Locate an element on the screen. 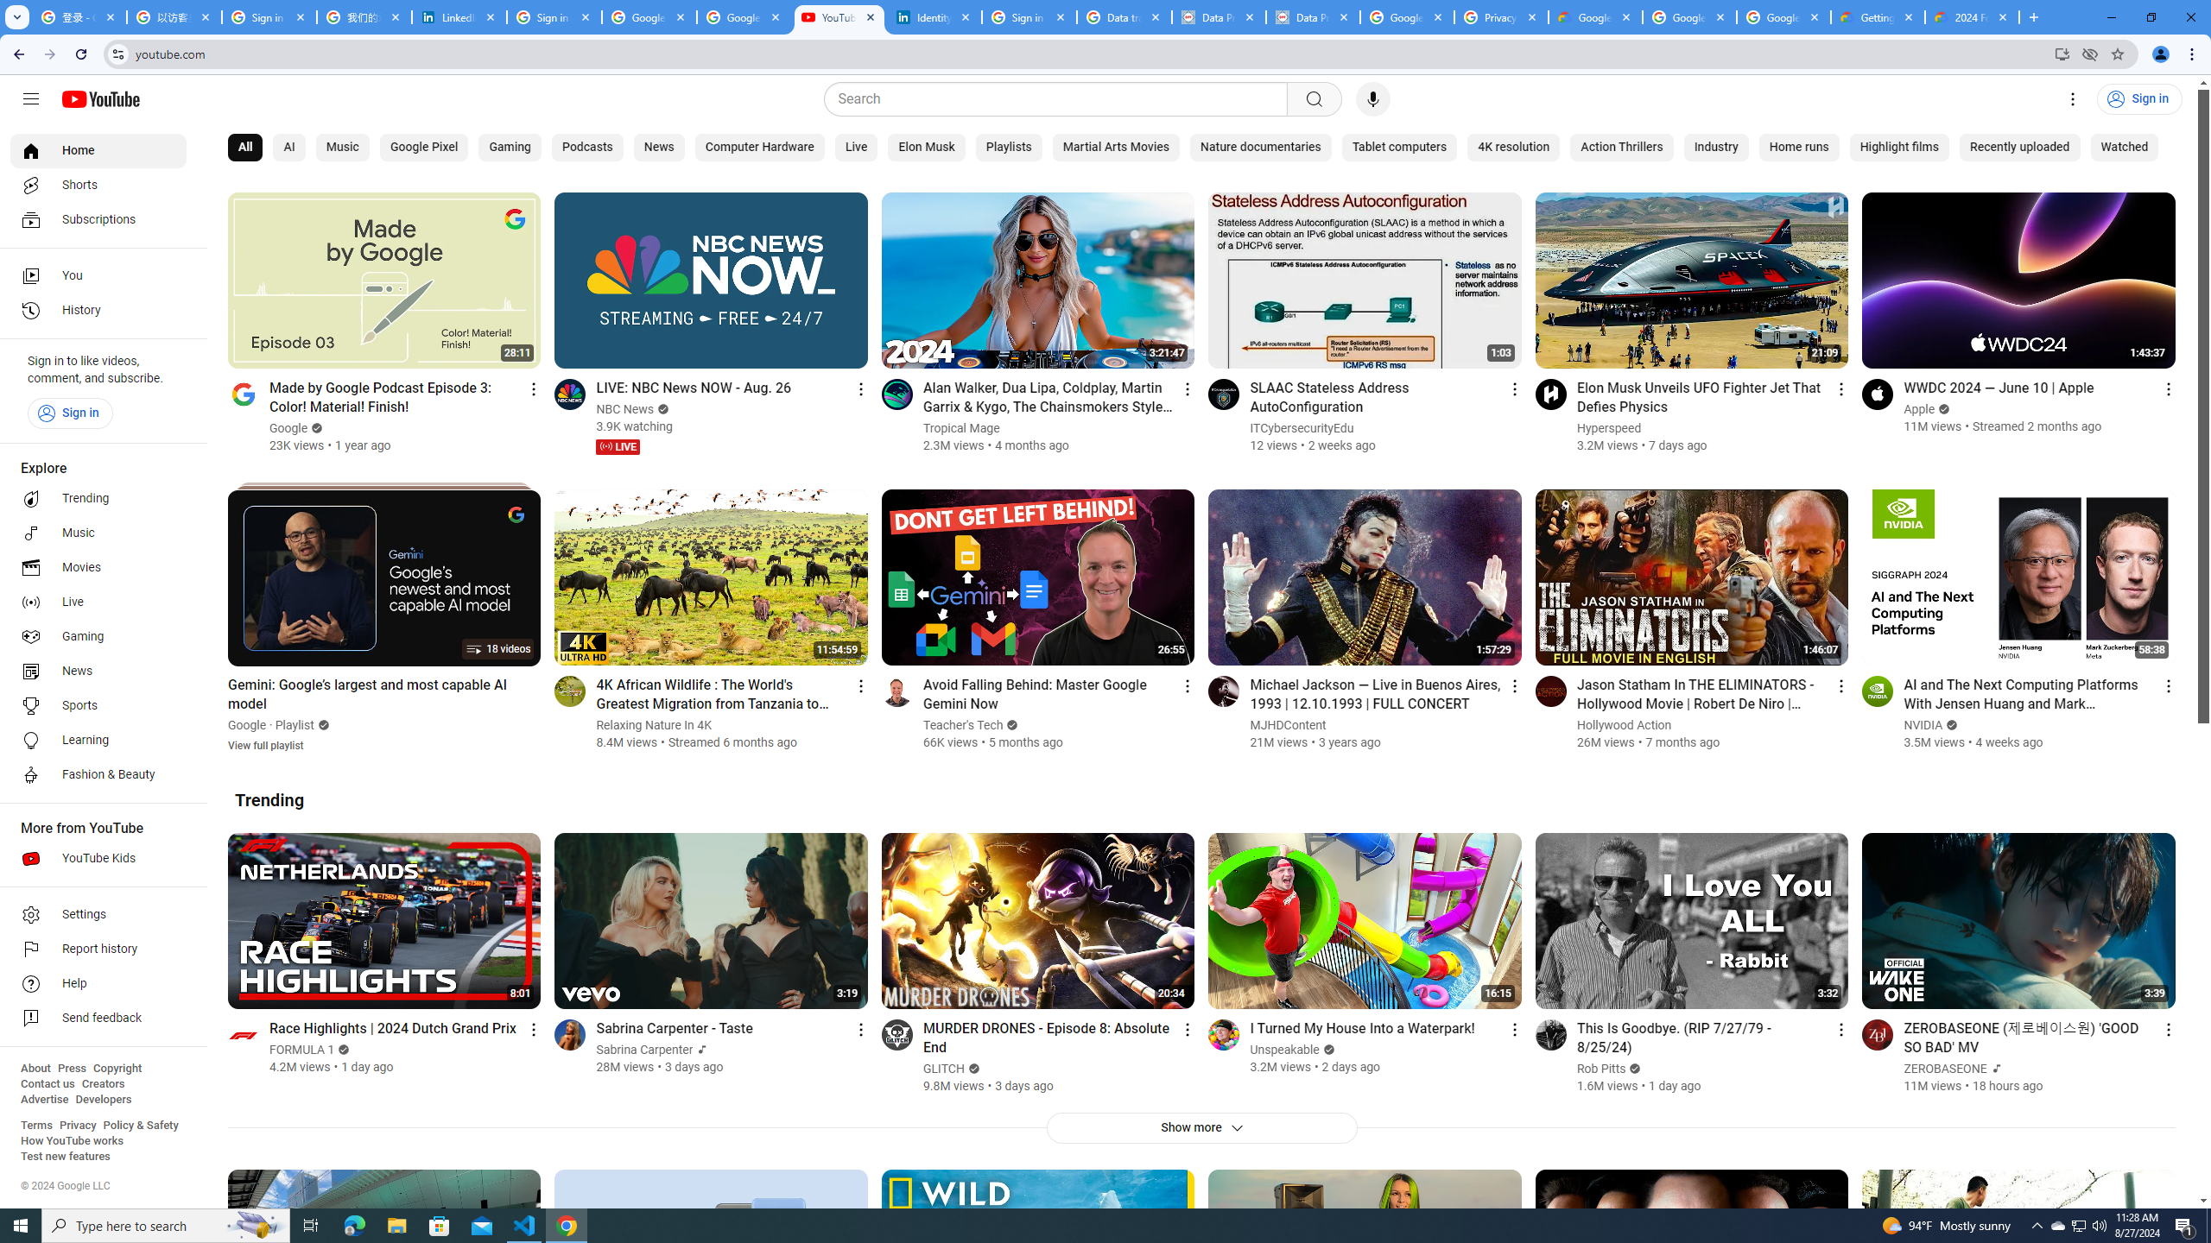  'YouTube Home' is located at coordinates (99, 98).